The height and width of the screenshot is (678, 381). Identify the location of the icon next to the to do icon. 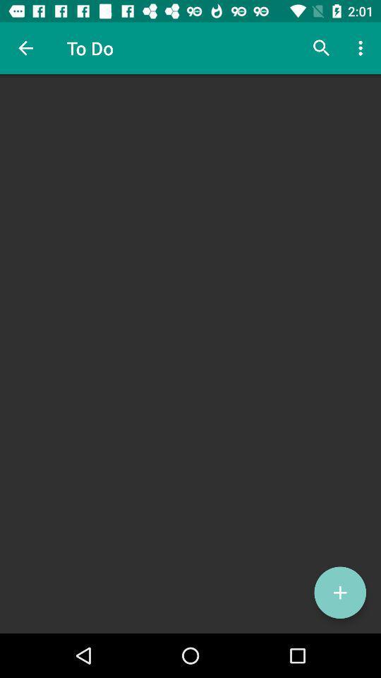
(25, 48).